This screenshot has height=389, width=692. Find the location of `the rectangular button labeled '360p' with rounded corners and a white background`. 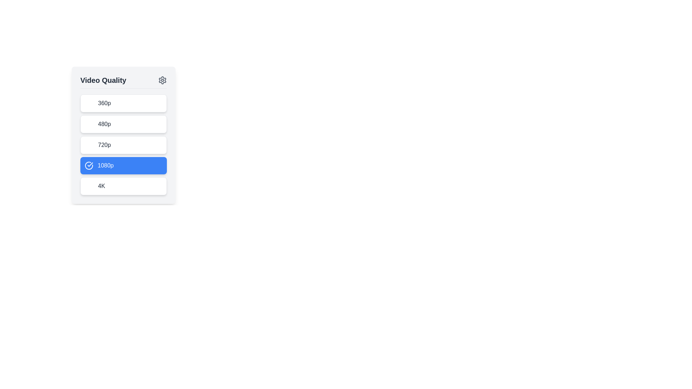

the rectangular button labeled '360p' with rounded corners and a white background is located at coordinates (123, 103).